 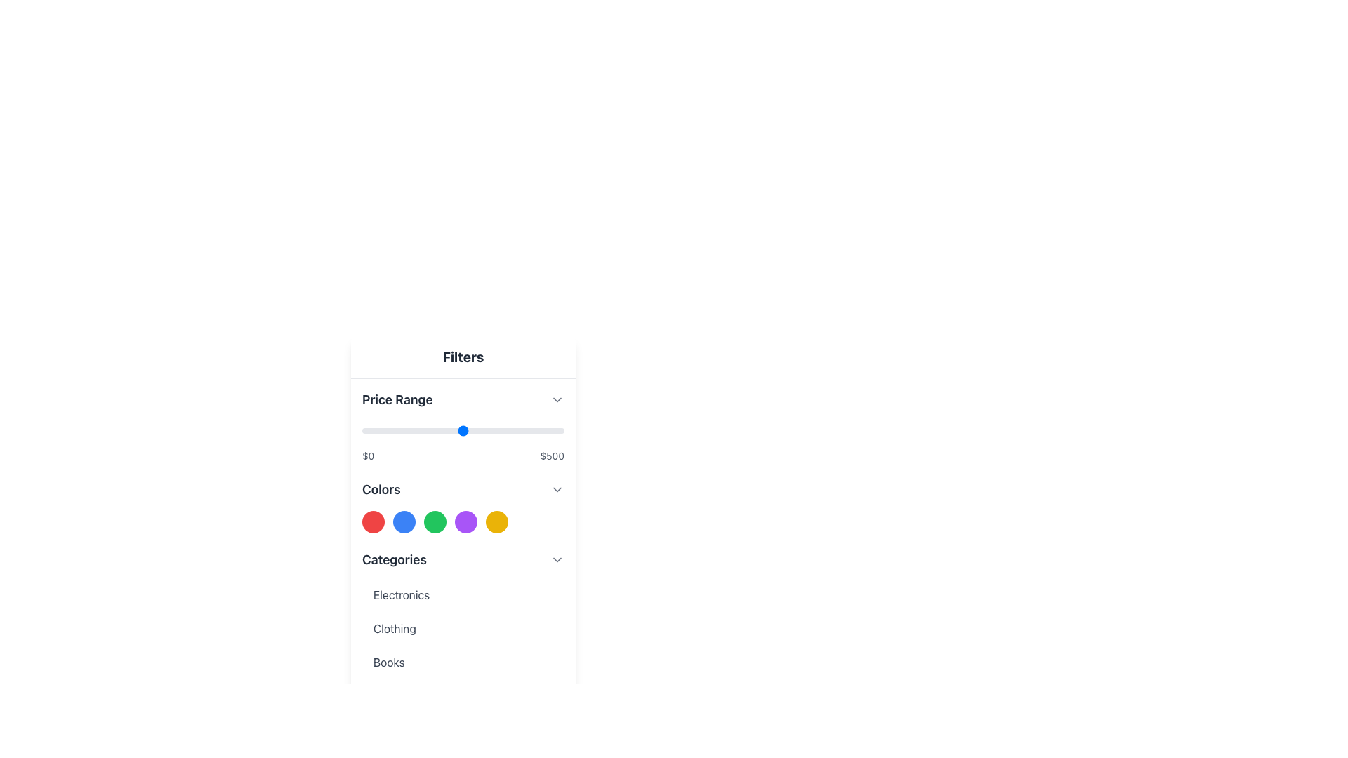 I want to click on the third circular selectable button with a green background, located under the 'Colors' label, to trigger a tooltip or interaction effect, so click(x=434, y=522).